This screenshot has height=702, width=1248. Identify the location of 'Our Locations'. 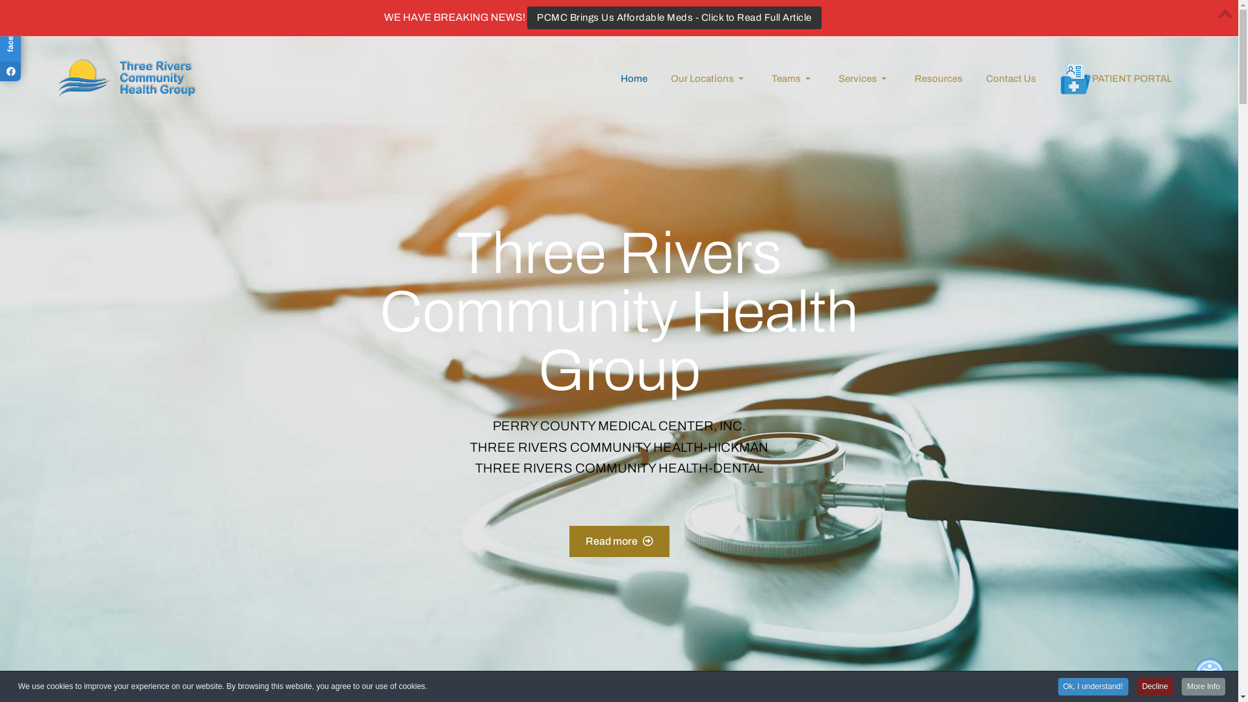
(658, 78).